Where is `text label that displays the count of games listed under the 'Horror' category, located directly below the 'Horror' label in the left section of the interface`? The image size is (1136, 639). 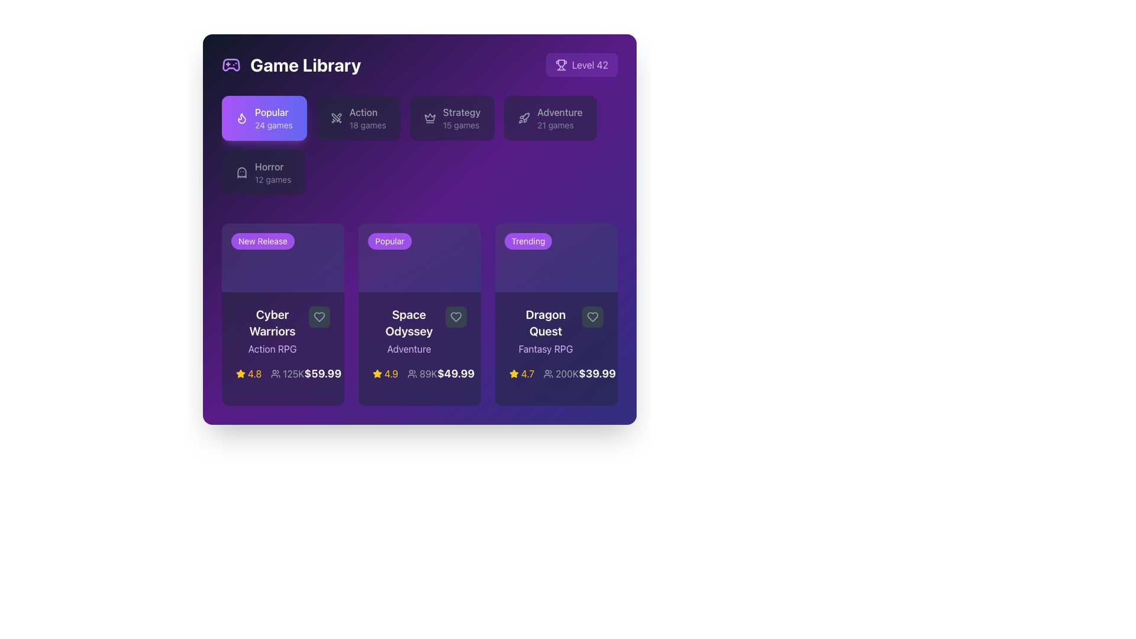 text label that displays the count of games listed under the 'Horror' category, located directly below the 'Horror' label in the left section of the interface is located at coordinates (272, 180).